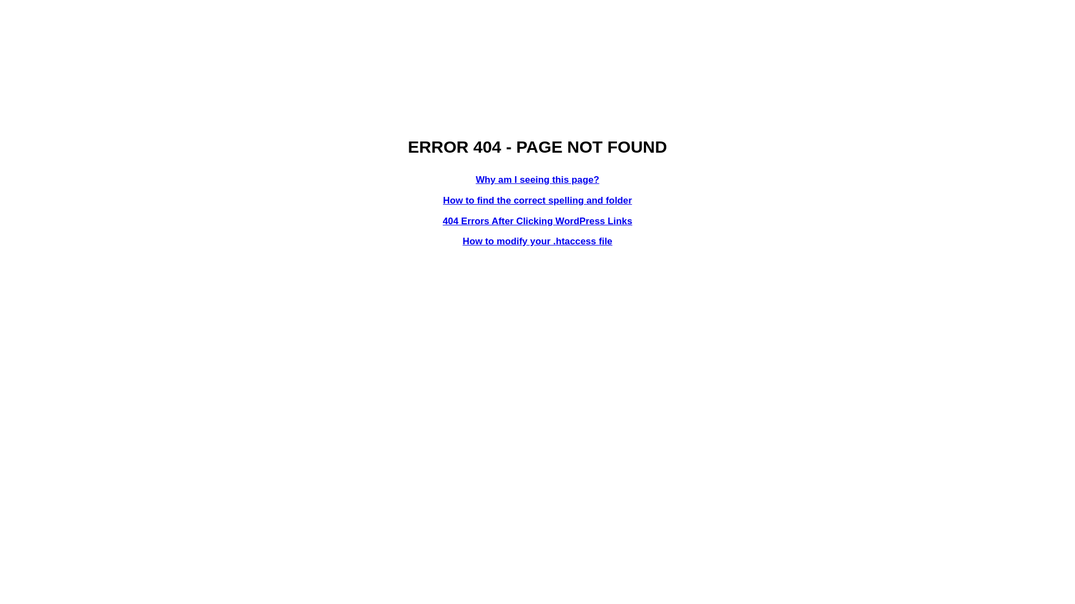 The width and height of the screenshot is (1075, 604). Describe the element at coordinates (537, 221) in the screenshot. I see `'404 Errors After Clicking WordPress Links'` at that location.